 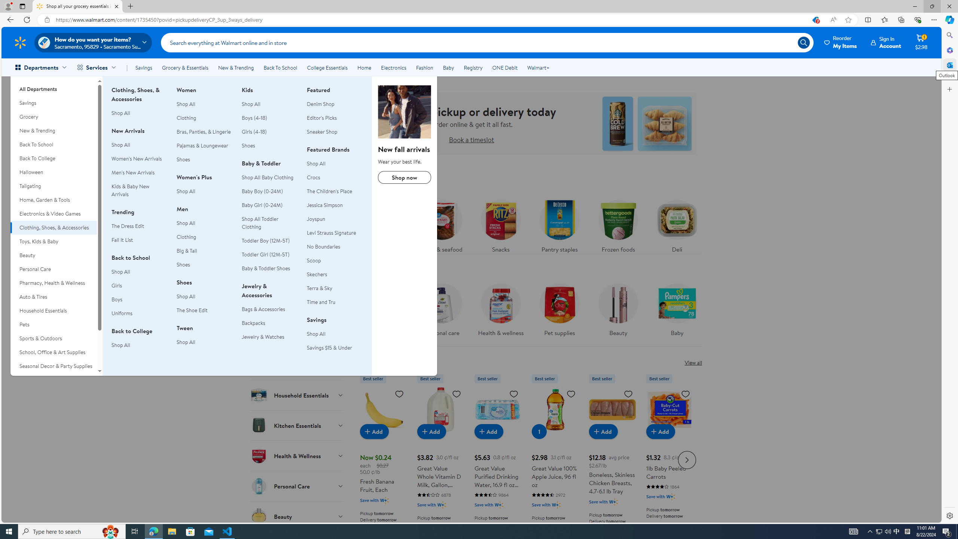 I want to click on 'TweenShop All', so click(x=204, y=339).